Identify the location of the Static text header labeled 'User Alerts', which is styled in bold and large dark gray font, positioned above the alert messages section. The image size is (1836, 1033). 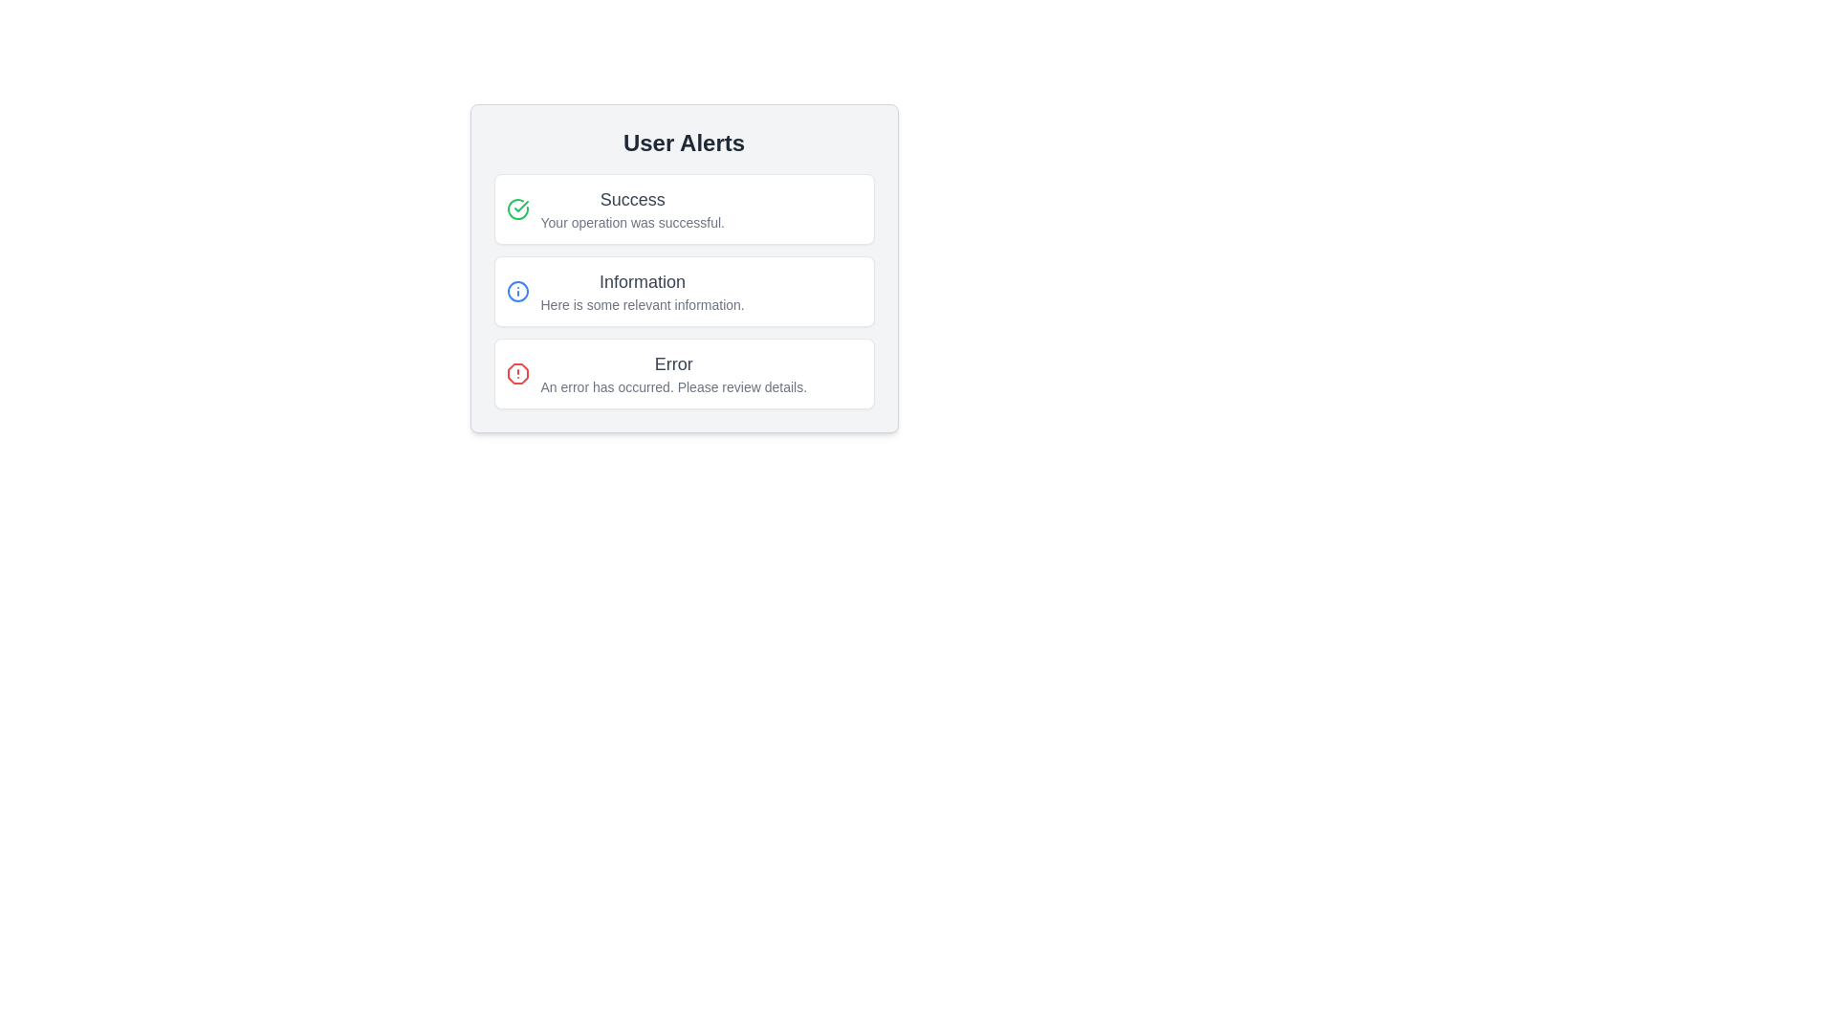
(684, 143).